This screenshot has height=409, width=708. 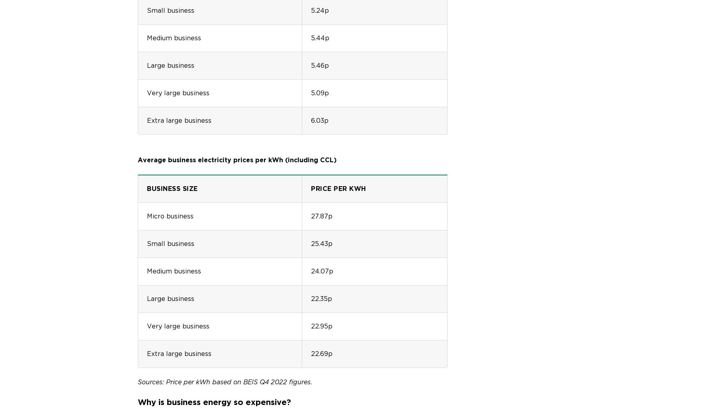 I want to click on 'Sources: Price per kWh based on BEIS Q4 2022 figures.', so click(x=225, y=381).